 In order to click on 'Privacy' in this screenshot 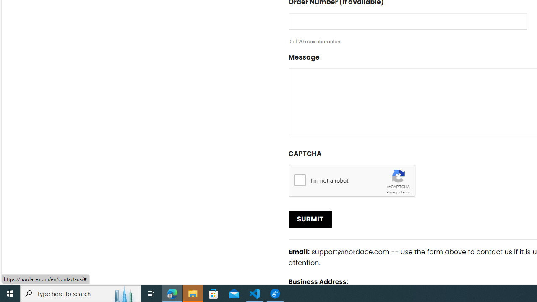, I will do `click(391, 192)`.